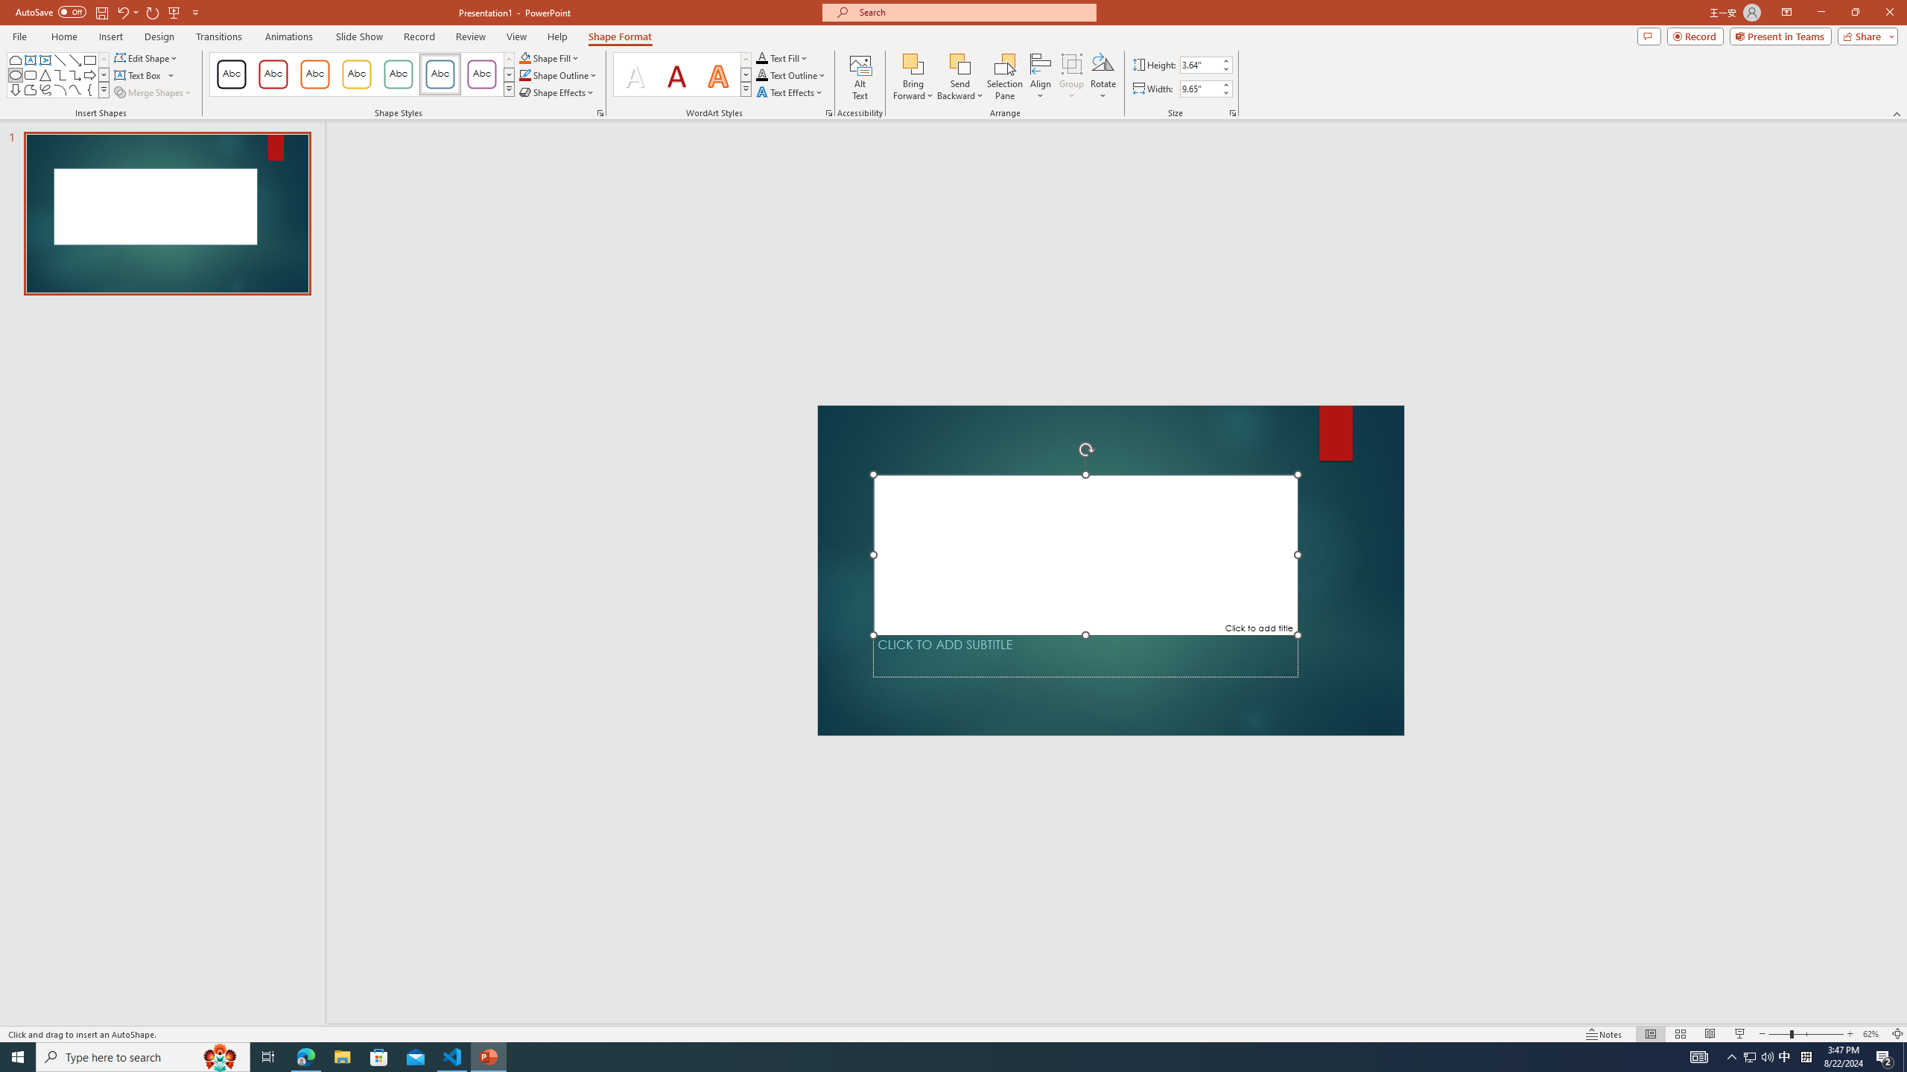  What do you see at coordinates (440, 74) in the screenshot?
I see `'Colored Outline - Blue-Gray, Accent 5'` at bounding box center [440, 74].